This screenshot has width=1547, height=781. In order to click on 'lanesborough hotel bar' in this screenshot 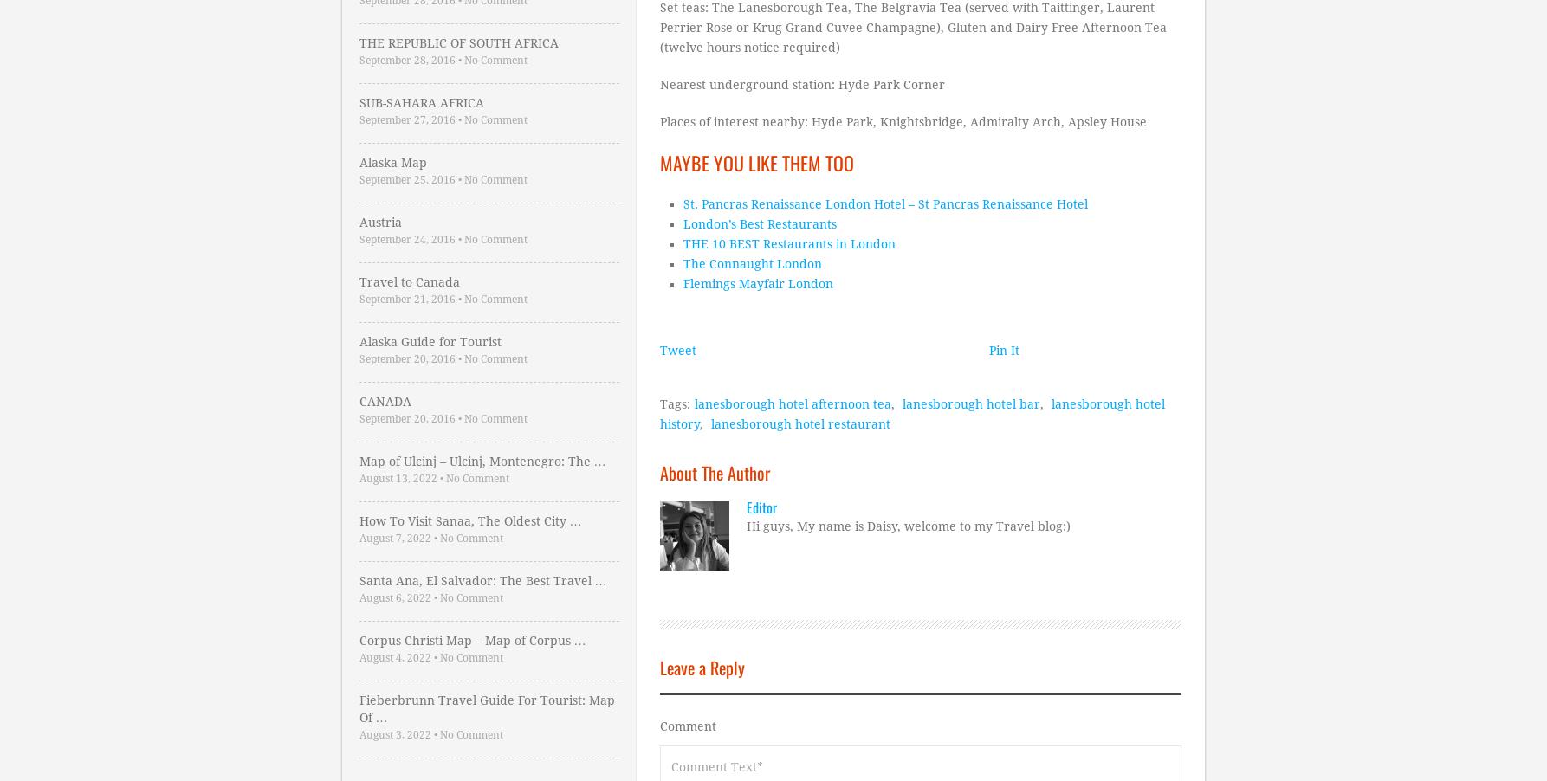, I will do `click(970, 402)`.